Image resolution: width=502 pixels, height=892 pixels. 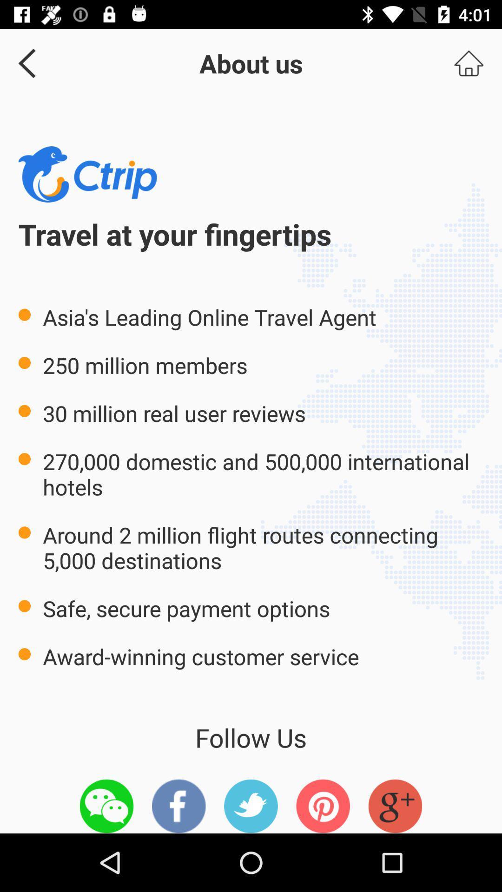 I want to click on pinterest follow up, so click(x=323, y=806).